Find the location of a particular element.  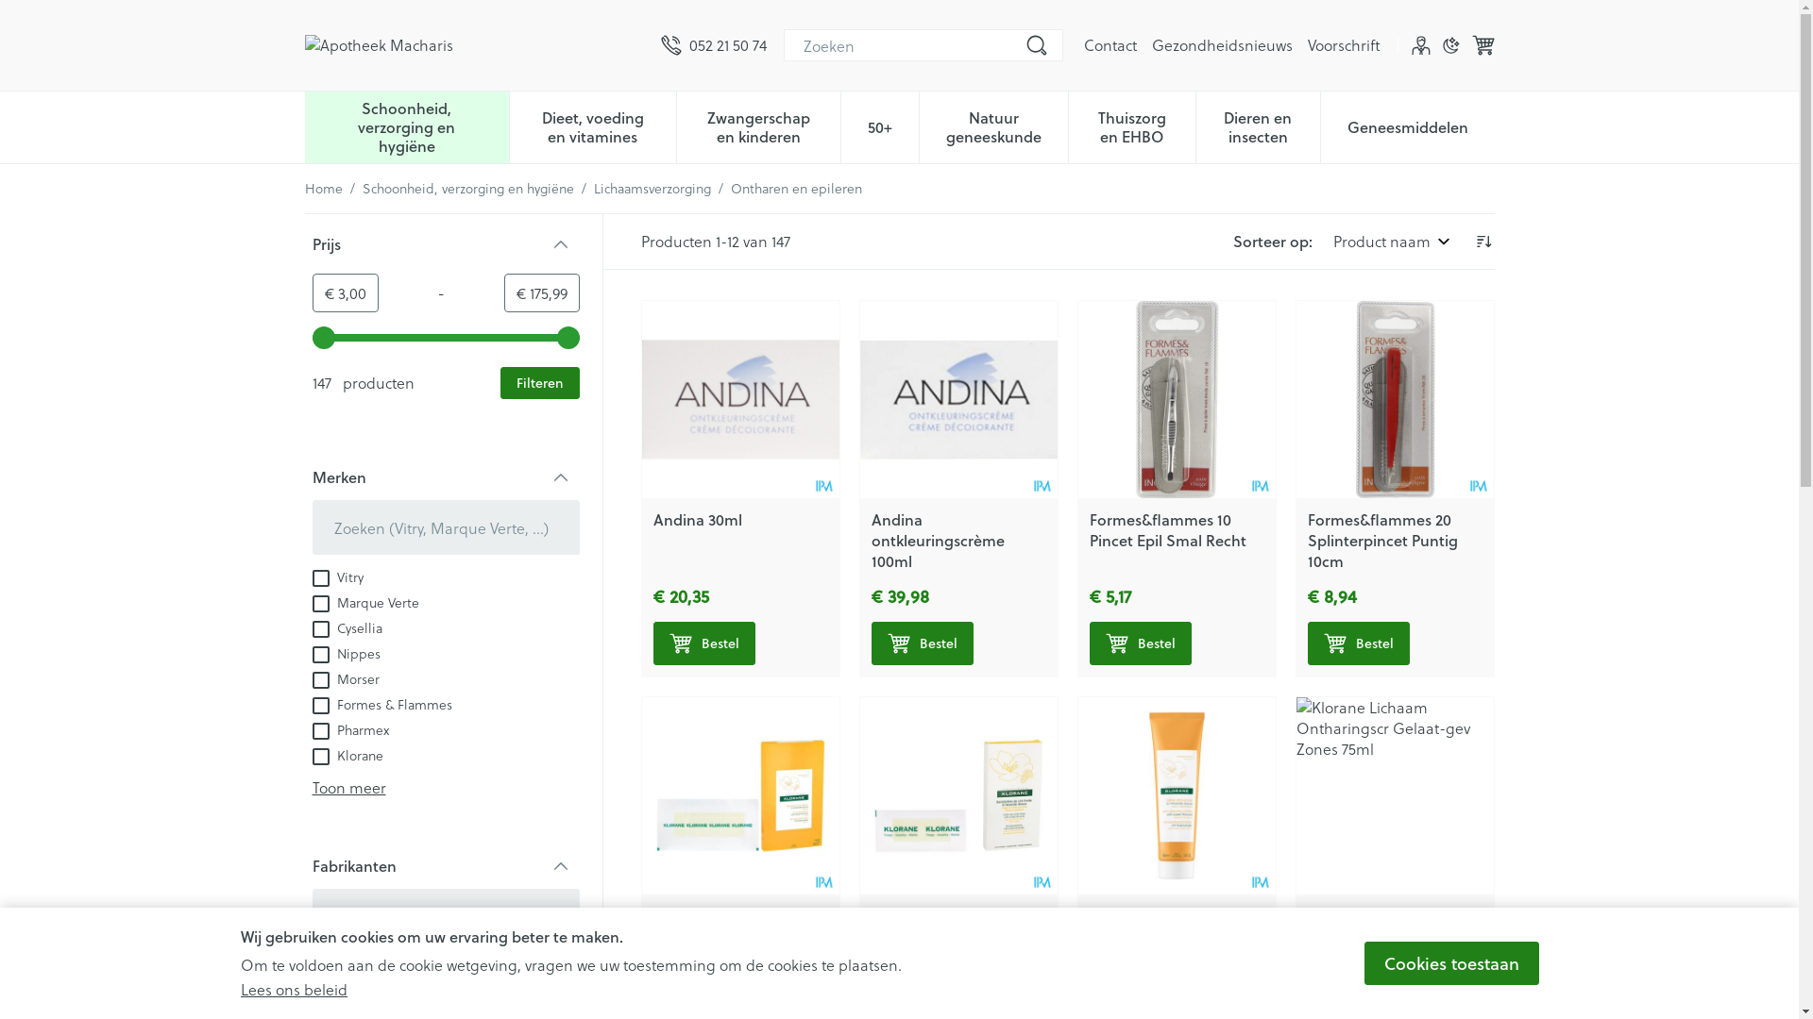

'50+' is located at coordinates (878, 125).